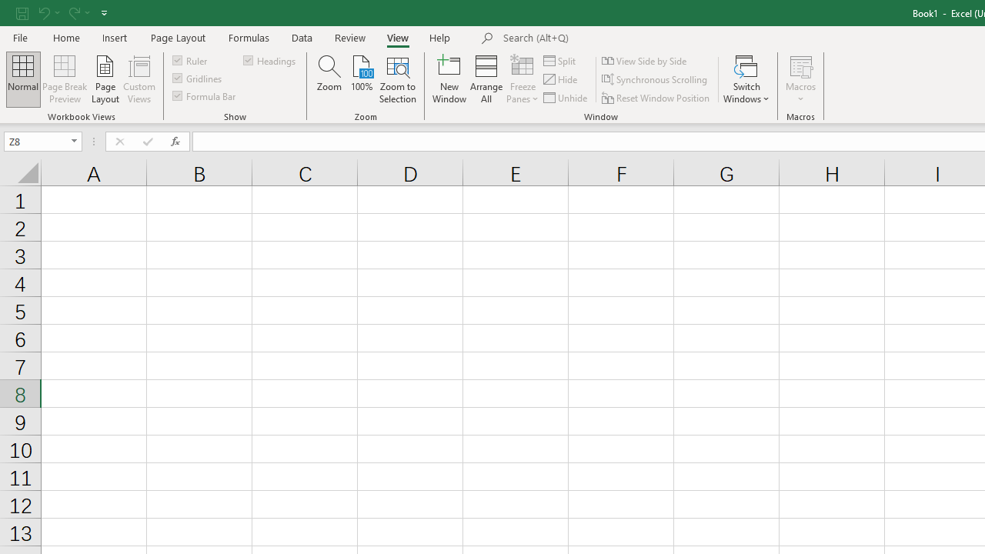 The width and height of the screenshot is (985, 554). What do you see at coordinates (646, 60) in the screenshot?
I see `'View Side by Side'` at bounding box center [646, 60].